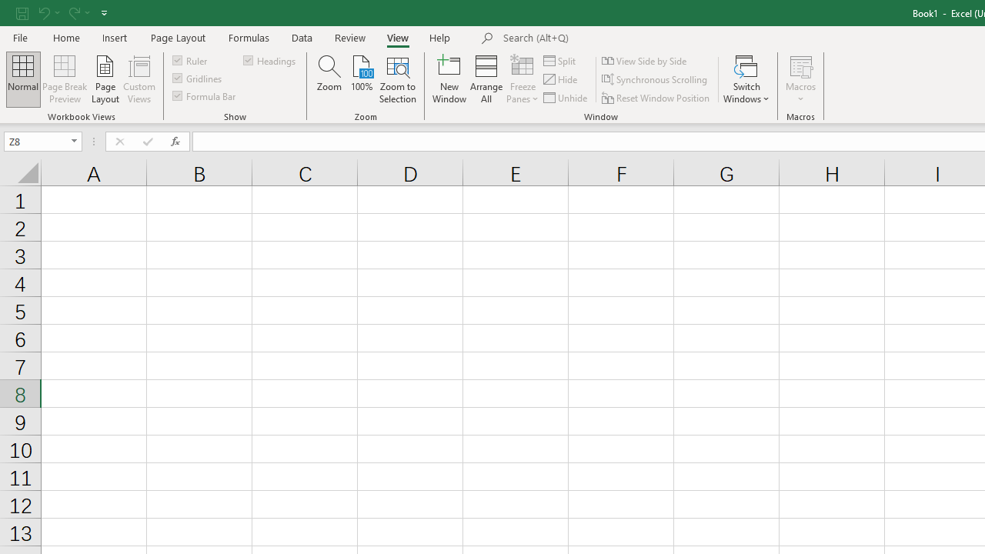 The width and height of the screenshot is (985, 554). What do you see at coordinates (646, 60) in the screenshot?
I see `'View Side by Side'` at bounding box center [646, 60].